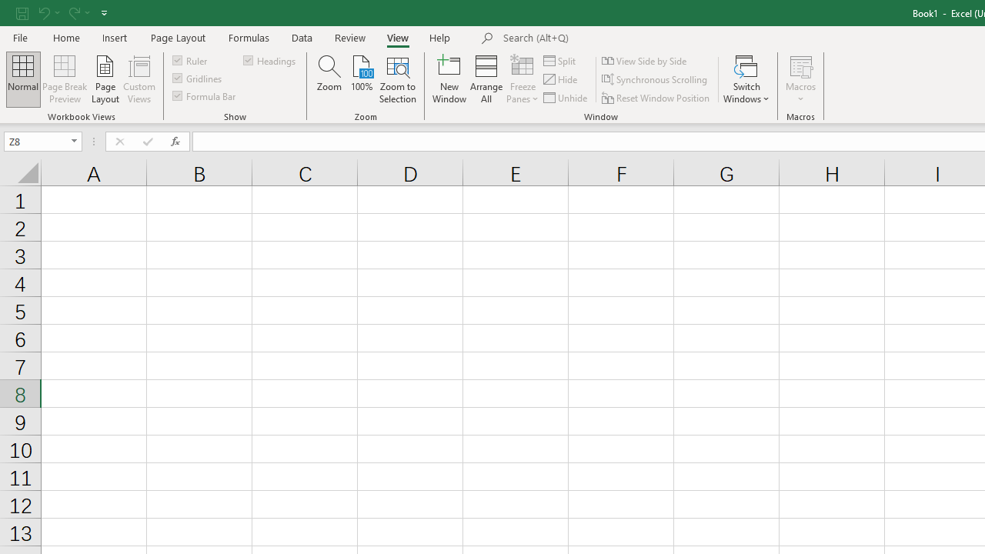 The width and height of the screenshot is (985, 554). What do you see at coordinates (646, 60) in the screenshot?
I see `'View Side by Side'` at bounding box center [646, 60].